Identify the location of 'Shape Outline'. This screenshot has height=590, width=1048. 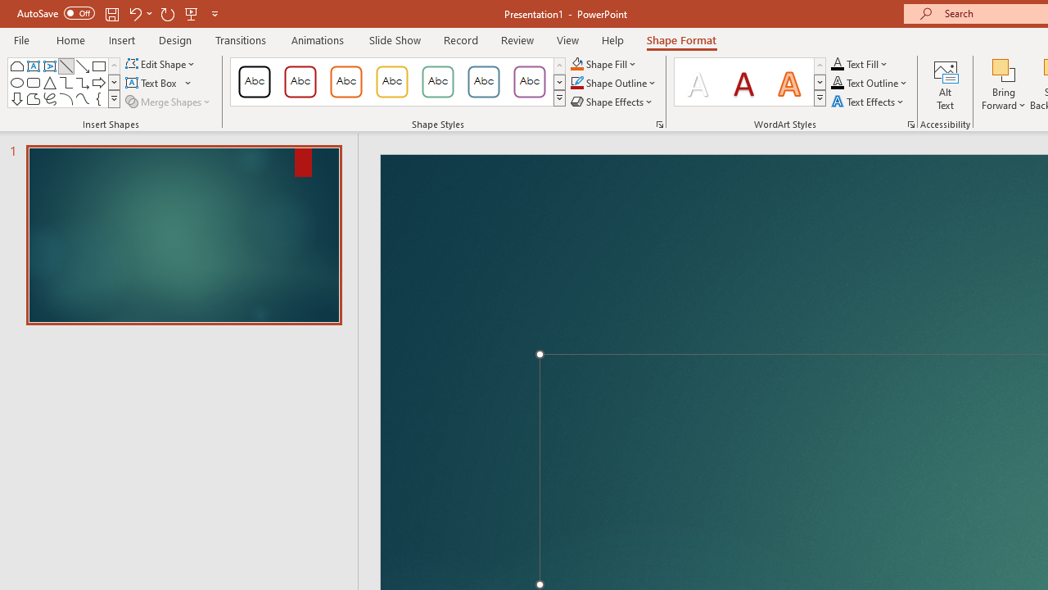
(613, 83).